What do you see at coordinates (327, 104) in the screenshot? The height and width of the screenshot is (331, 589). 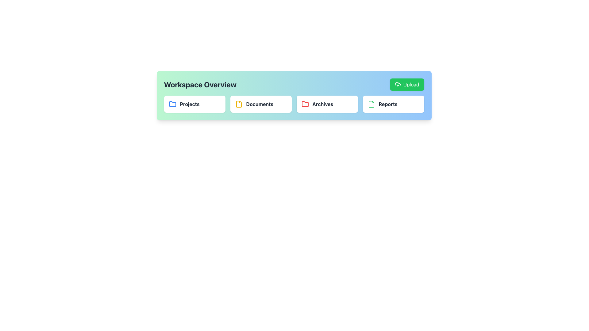 I see `the third Content Card in the horizontal grid layout, which serves` at bounding box center [327, 104].